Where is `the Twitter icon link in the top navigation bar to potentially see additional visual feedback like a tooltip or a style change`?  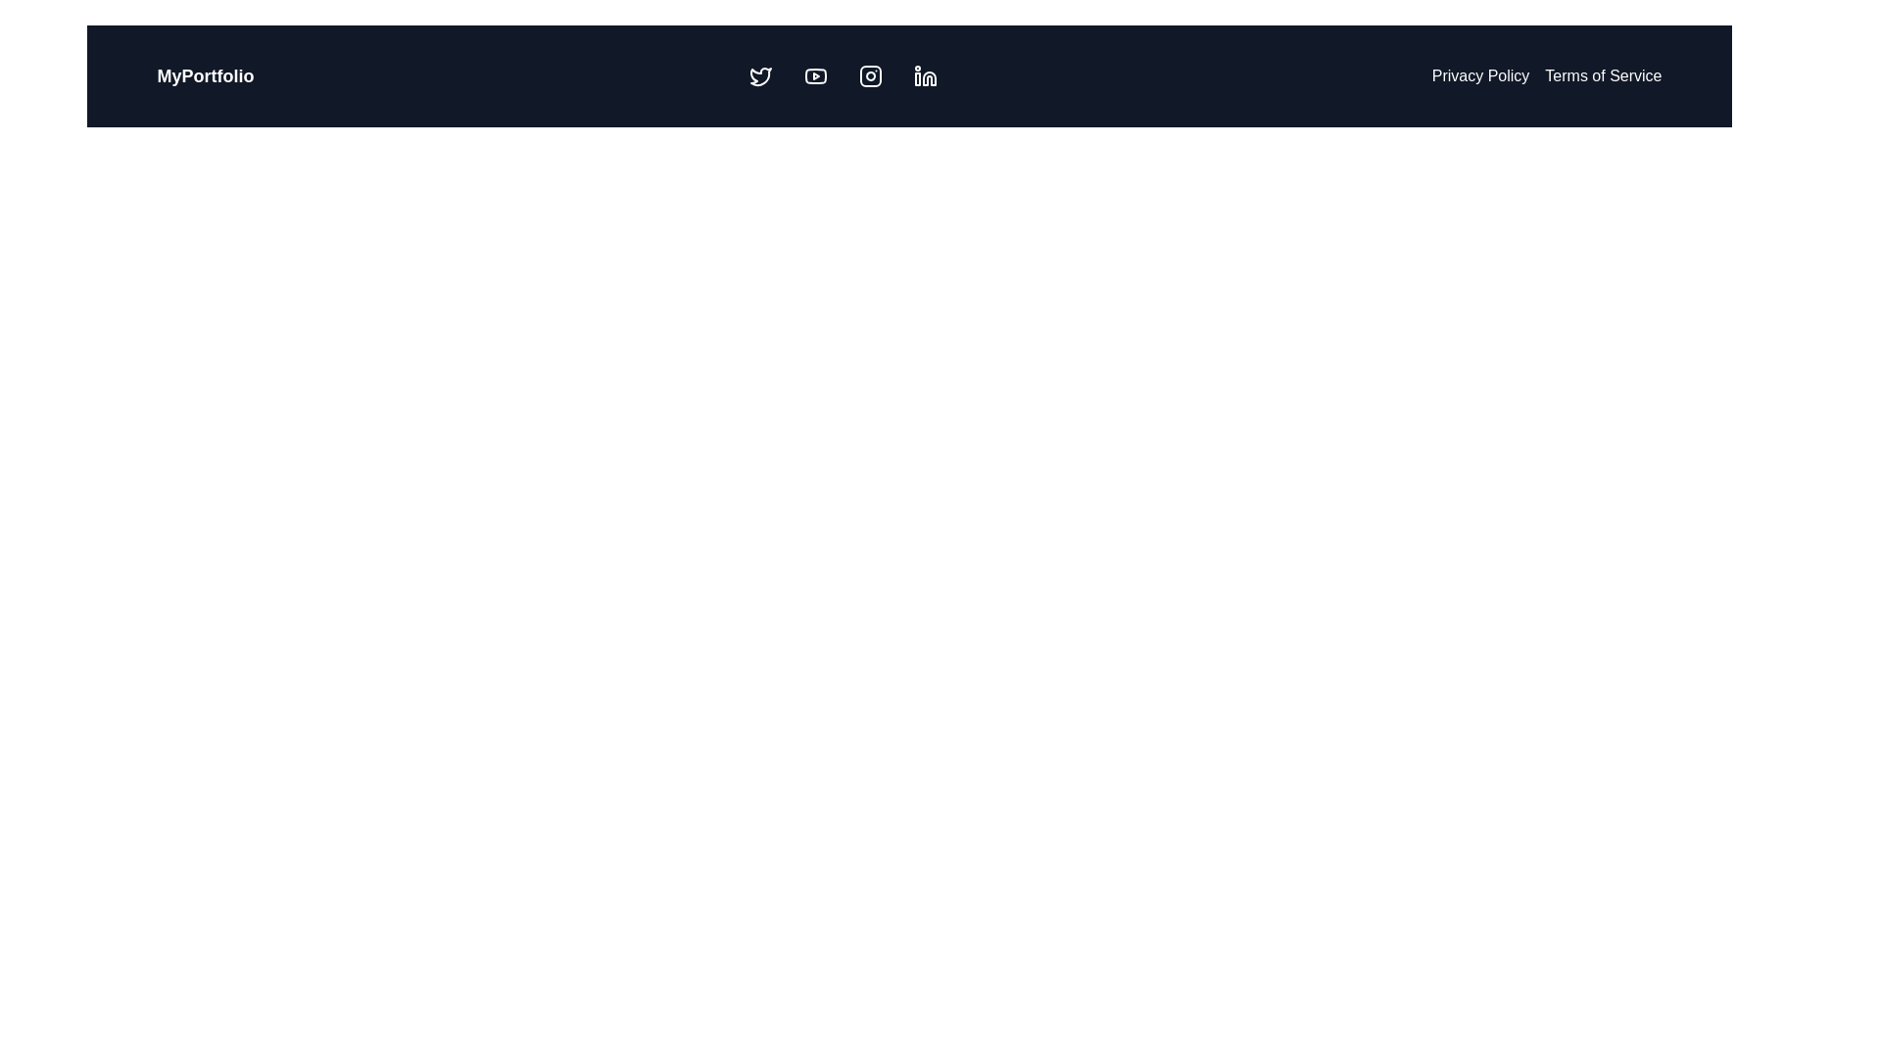
the Twitter icon link in the top navigation bar to potentially see additional visual feedback like a tooltip or a style change is located at coordinates (759, 74).